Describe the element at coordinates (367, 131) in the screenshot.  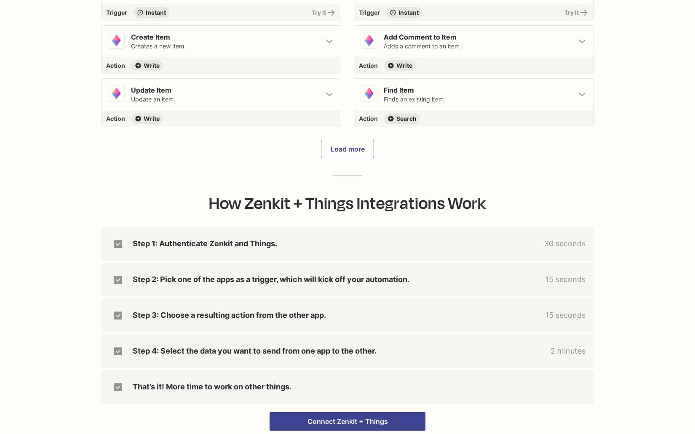
I see `'Find existing data in your app'` at that location.